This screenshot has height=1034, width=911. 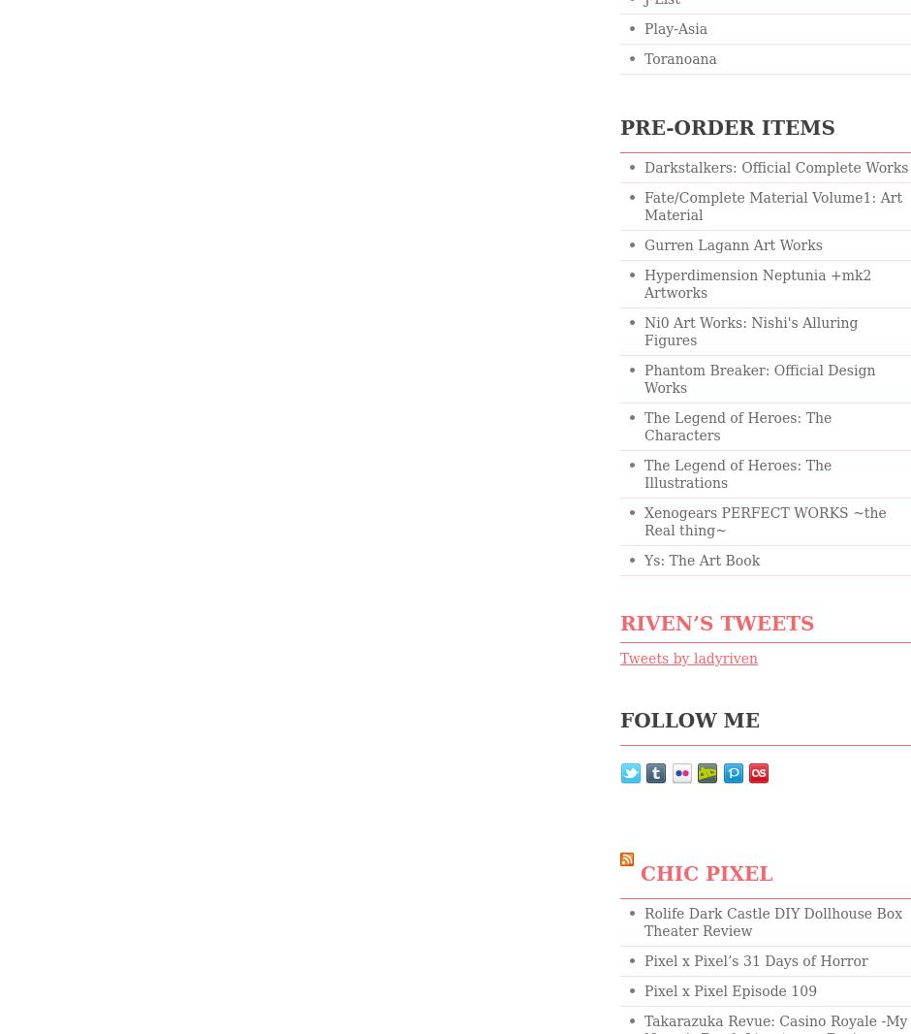 What do you see at coordinates (620, 623) in the screenshot?
I see `'Riven’s Tweets'` at bounding box center [620, 623].